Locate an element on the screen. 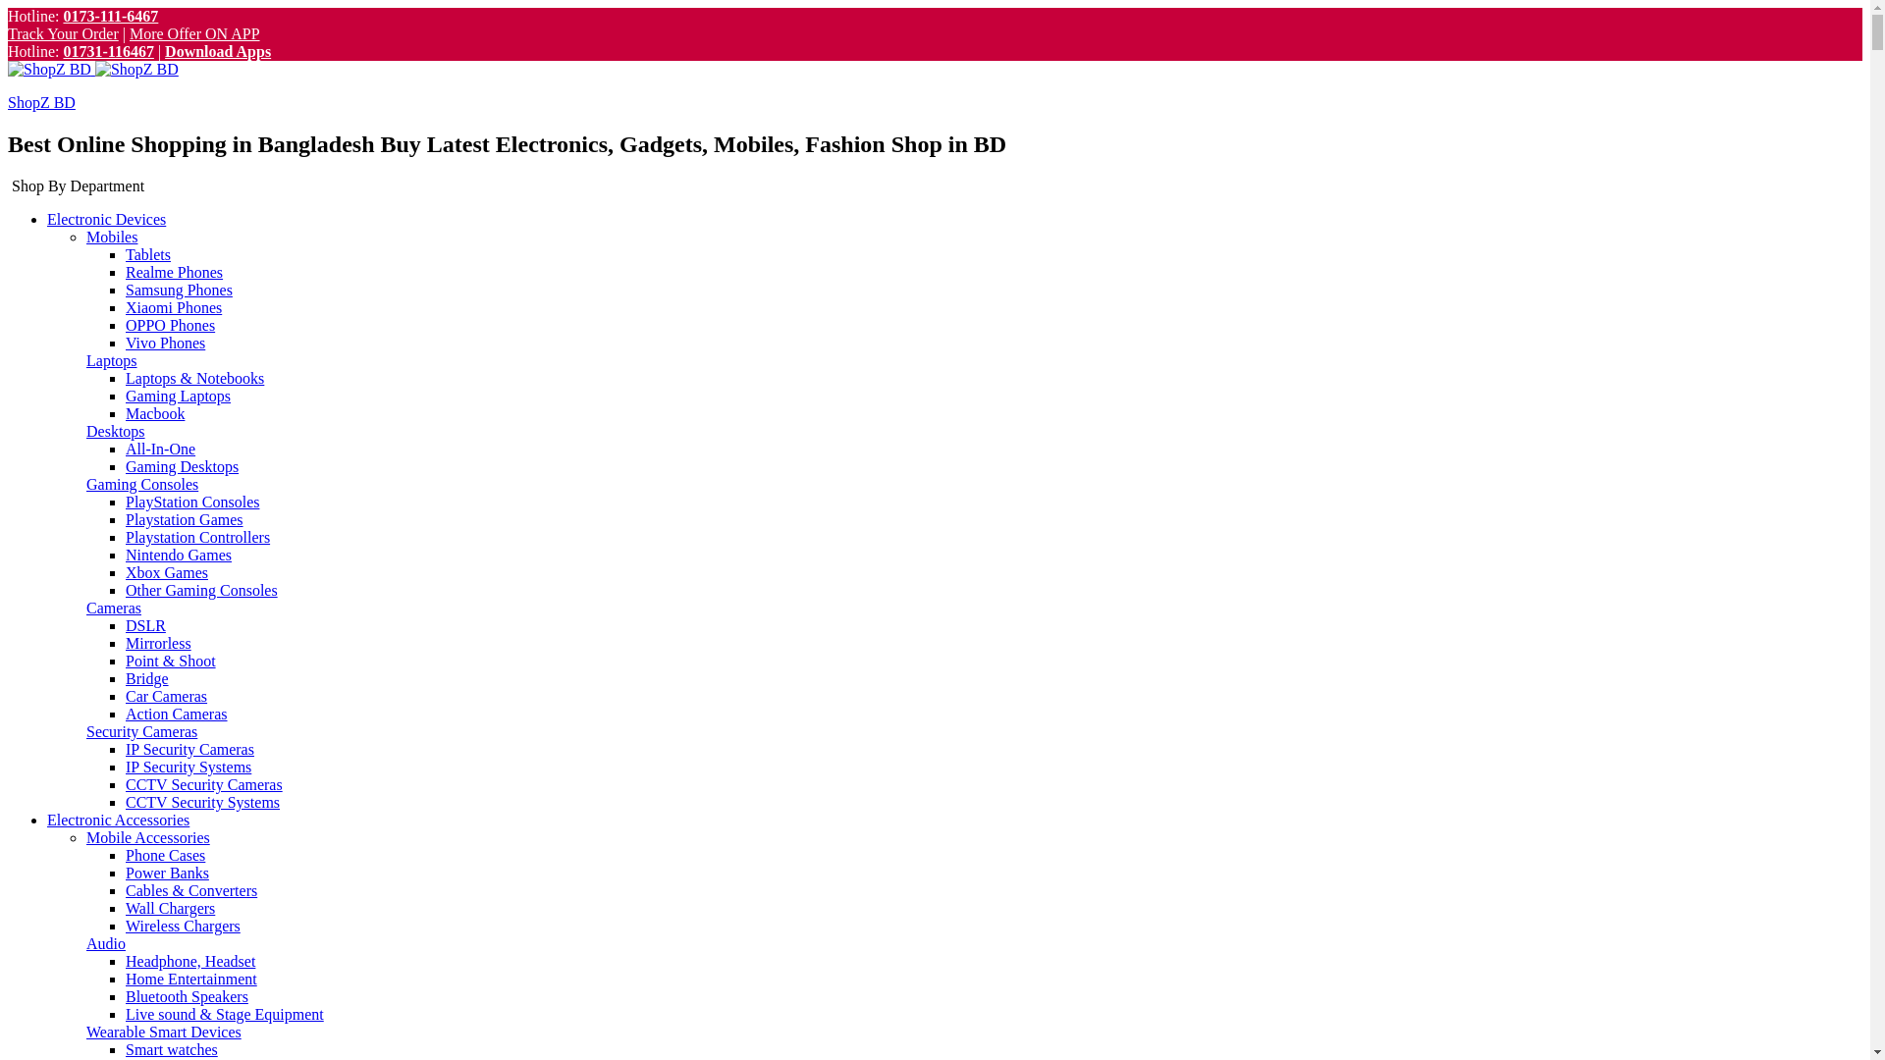 The image size is (1885, 1060). 'Desktops' is located at coordinates (115, 430).